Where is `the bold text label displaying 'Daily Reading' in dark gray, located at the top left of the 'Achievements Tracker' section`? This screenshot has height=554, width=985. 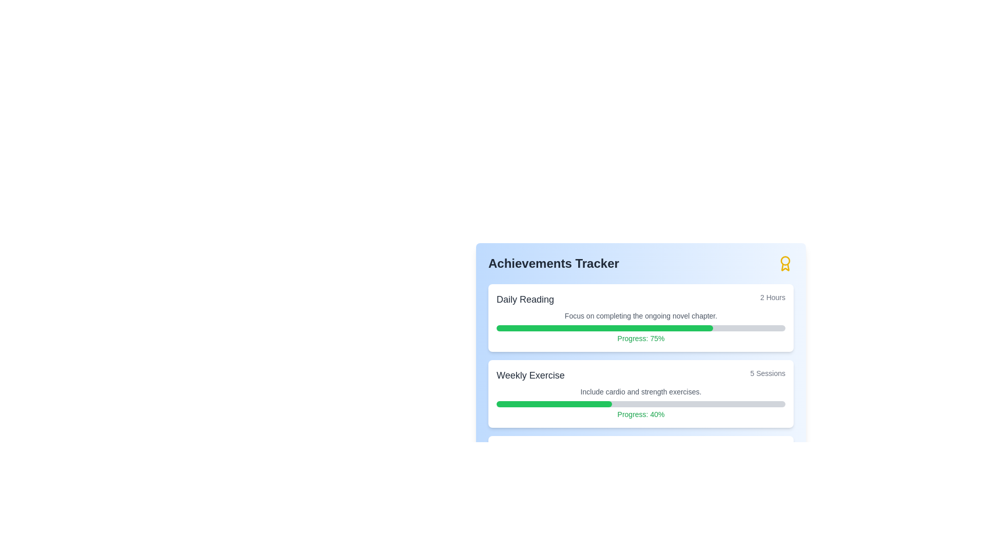
the bold text label displaying 'Daily Reading' in dark gray, located at the top left of the 'Achievements Tracker' section is located at coordinates (525, 299).